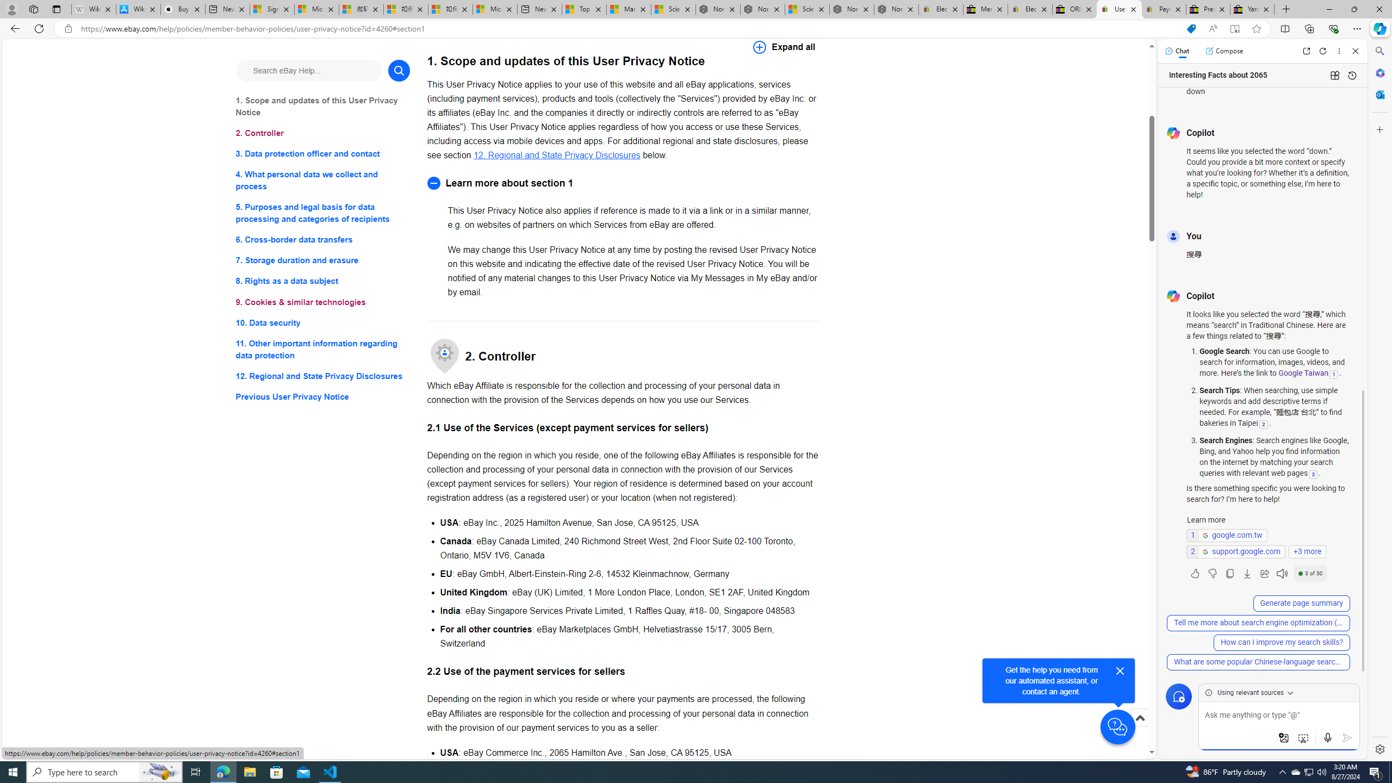 The height and width of the screenshot is (783, 1392). What do you see at coordinates (322, 302) in the screenshot?
I see `'9. Cookies & similar technologies'` at bounding box center [322, 302].